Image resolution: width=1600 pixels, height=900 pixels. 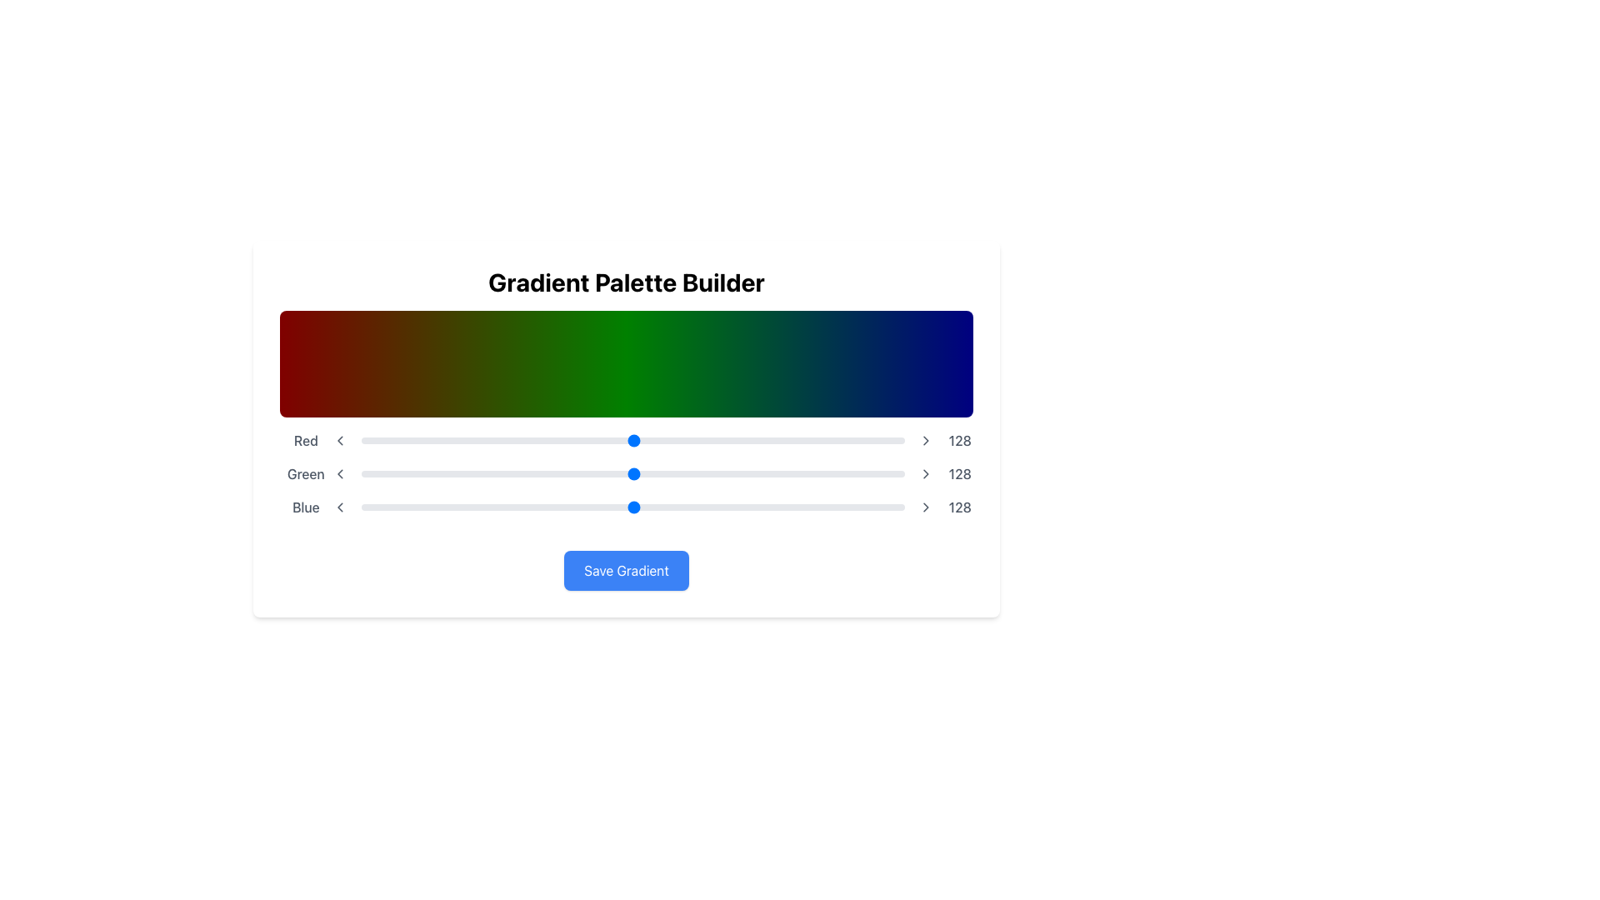 What do you see at coordinates (626, 507) in the screenshot?
I see `the 'Blue' range slider` at bounding box center [626, 507].